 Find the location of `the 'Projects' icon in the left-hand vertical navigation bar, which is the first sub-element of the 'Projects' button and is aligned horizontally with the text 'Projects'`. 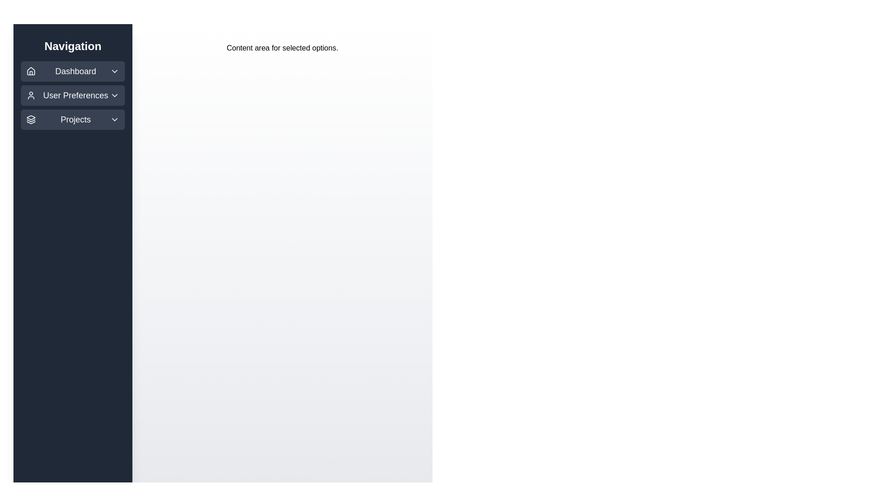

the 'Projects' icon in the left-hand vertical navigation bar, which is the first sub-element of the 'Projects' button and is aligned horizontally with the text 'Projects' is located at coordinates (31, 119).